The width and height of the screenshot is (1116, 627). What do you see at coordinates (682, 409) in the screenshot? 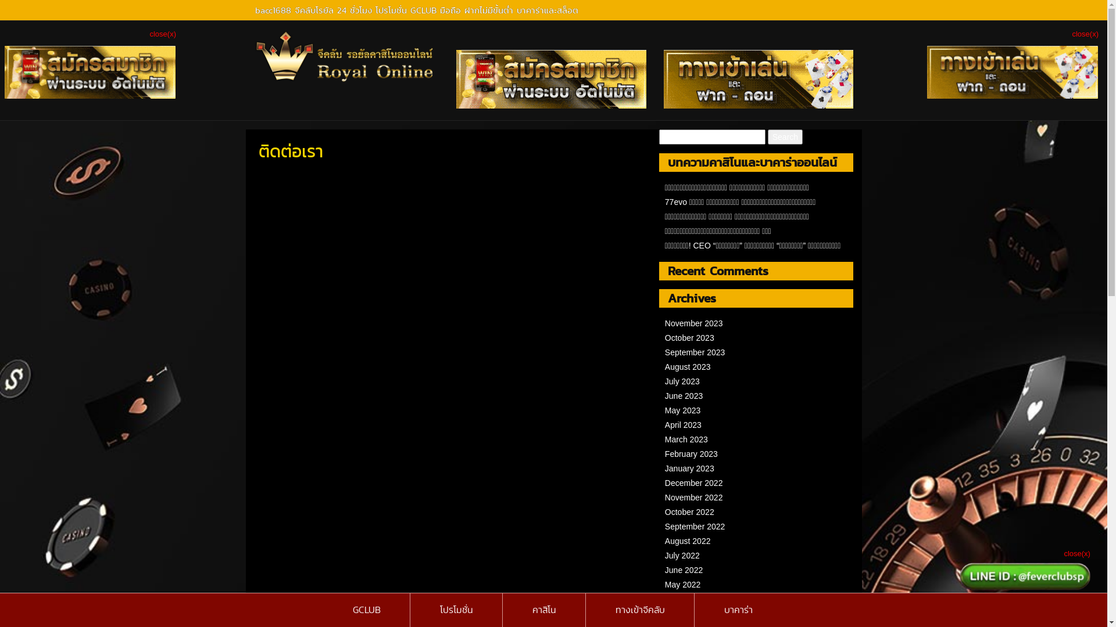
I see `'May 2023'` at bounding box center [682, 409].